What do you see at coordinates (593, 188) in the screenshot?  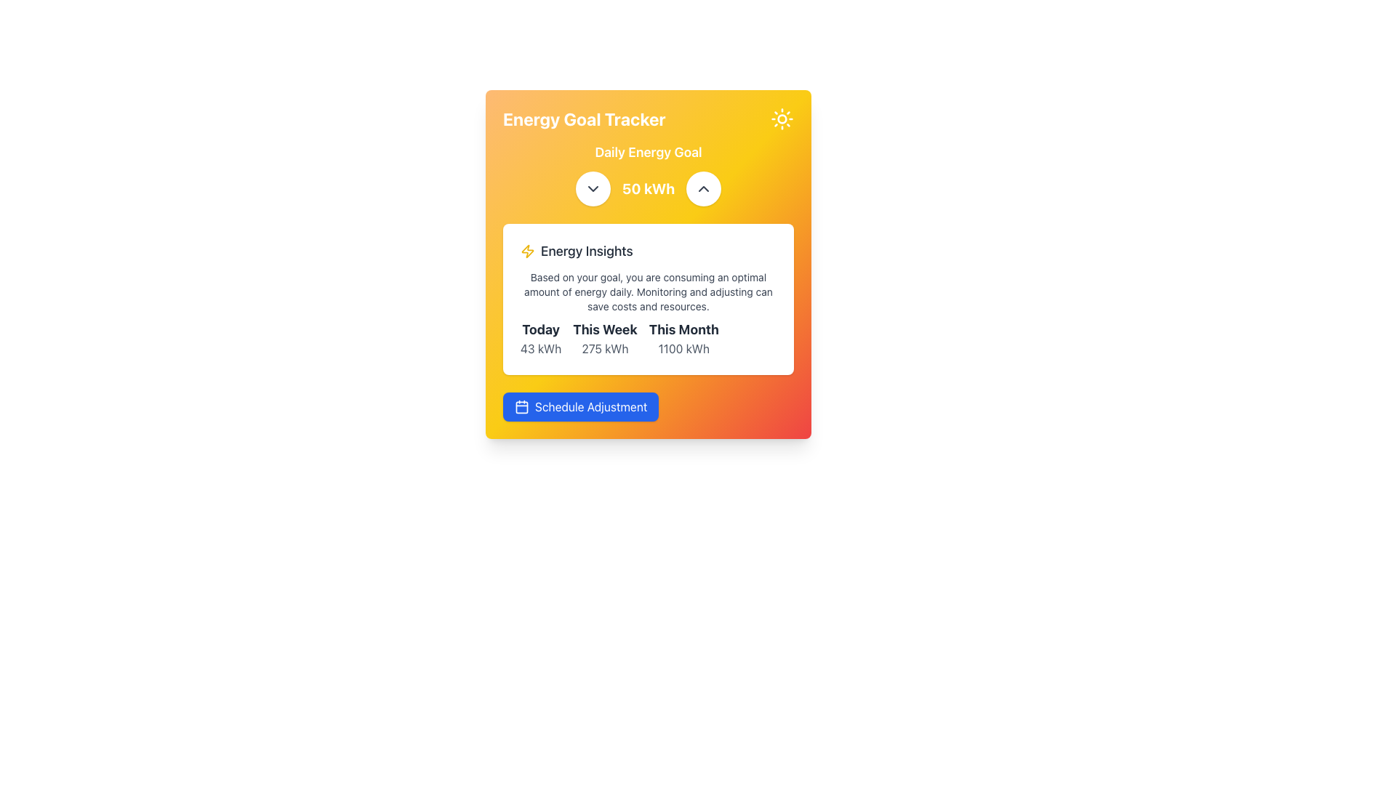 I see `the downward-facing chevron icon located within a circular button next to the text '50 kWh' in the 'Energy Goal Tracker' card` at bounding box center [593, 188].